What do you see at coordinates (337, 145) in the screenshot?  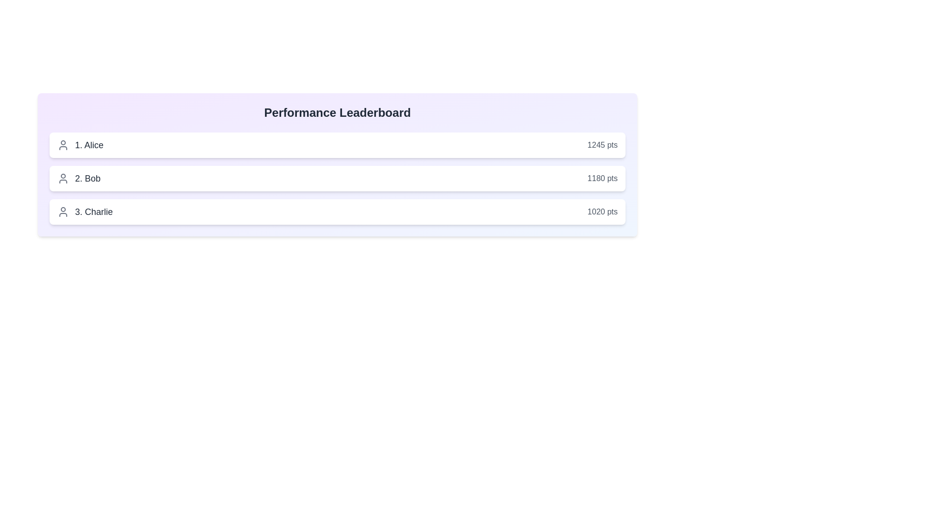 I see `the user entry for Alice` at bounding box center [337, 145].